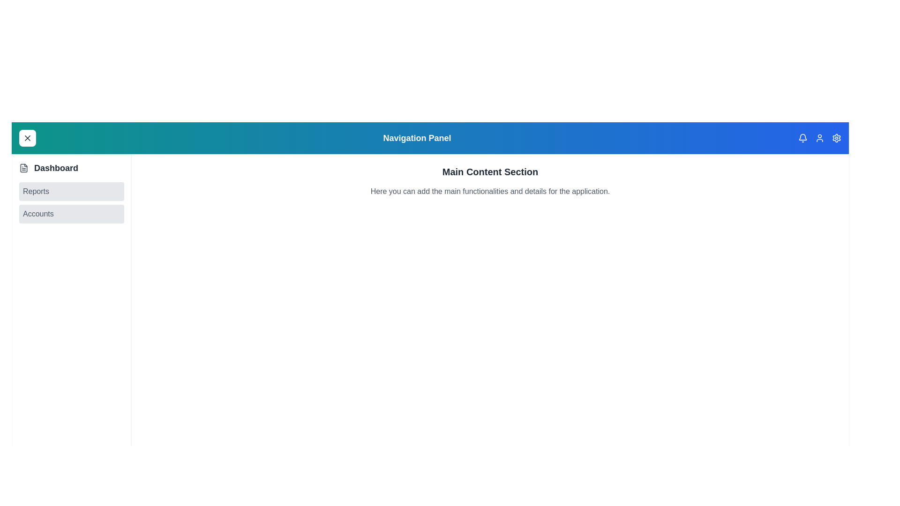 Image resolution: width=900 pixels, height=506 pixels. Describe the element at coordinates (27, 138) in the screenshot. I see `the stylized 'X' icon located at the top-left corner of the navigation bar` at that location.